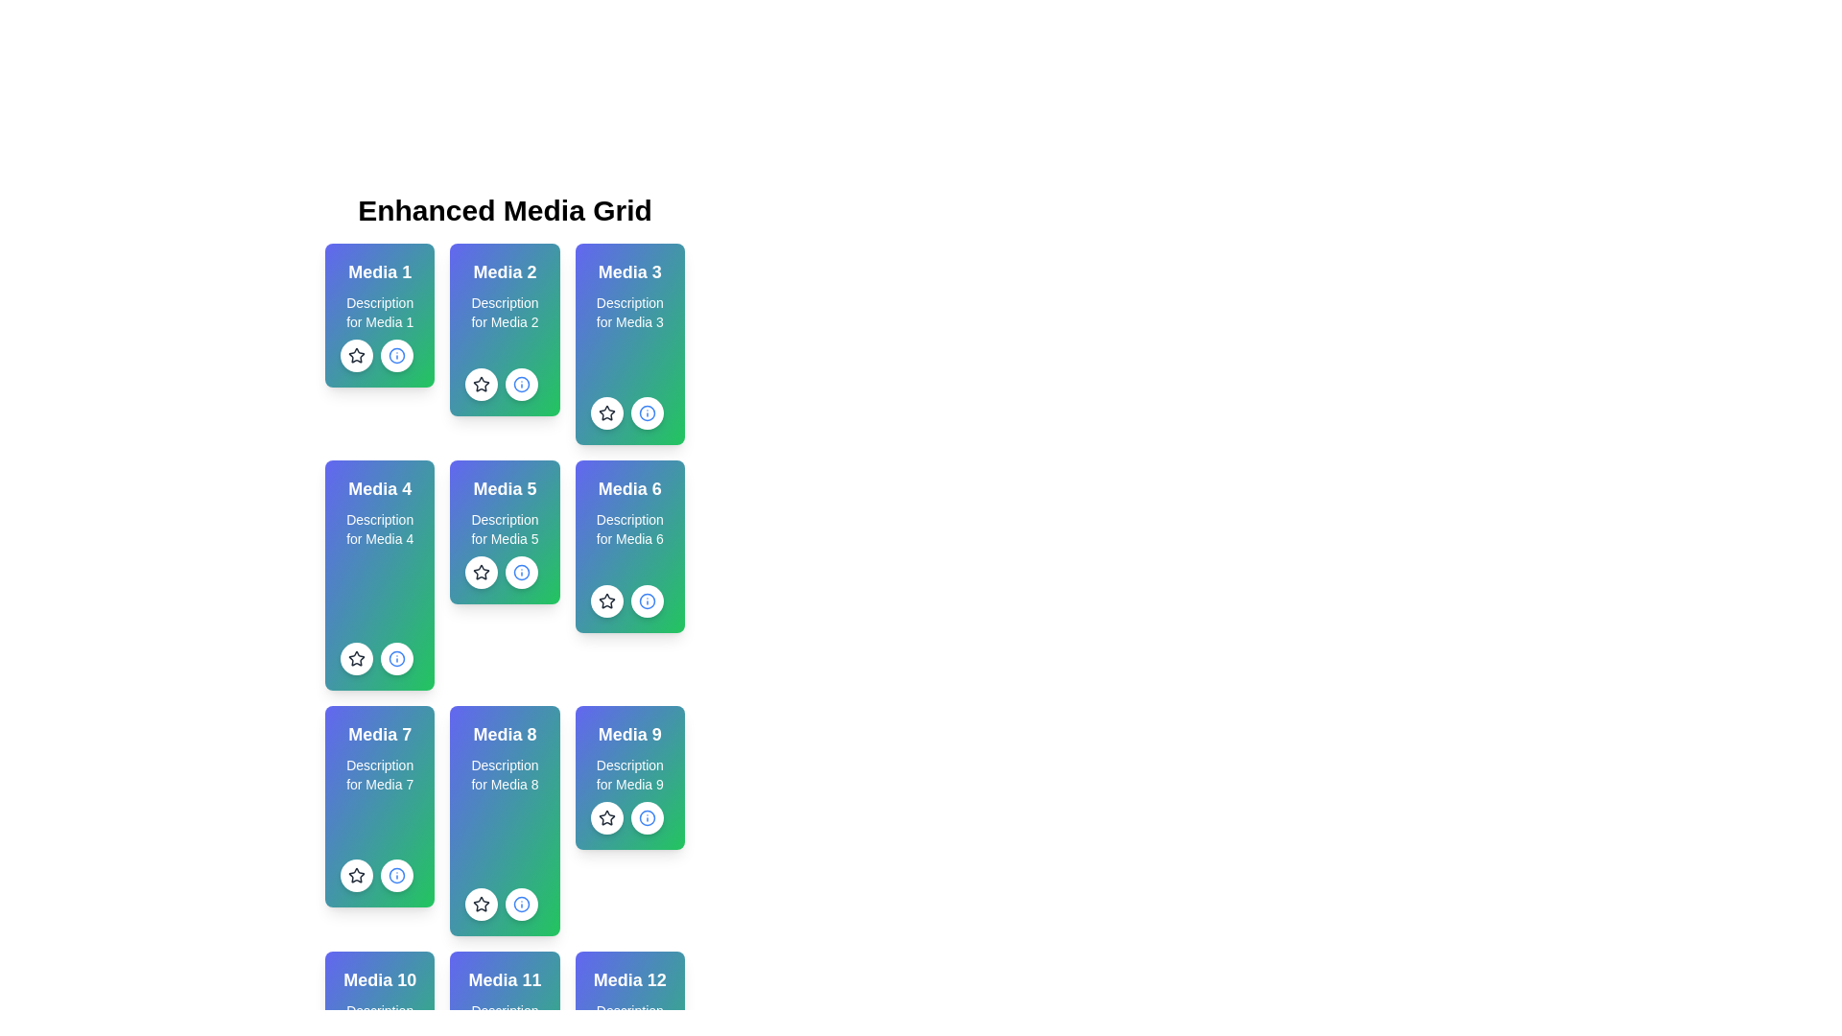  What do you see at coordinates (395, 657) in the screenshot?
I see `the informational icon located in the right-bottom section of the Media 6 card` at bounding box center [395, 657].